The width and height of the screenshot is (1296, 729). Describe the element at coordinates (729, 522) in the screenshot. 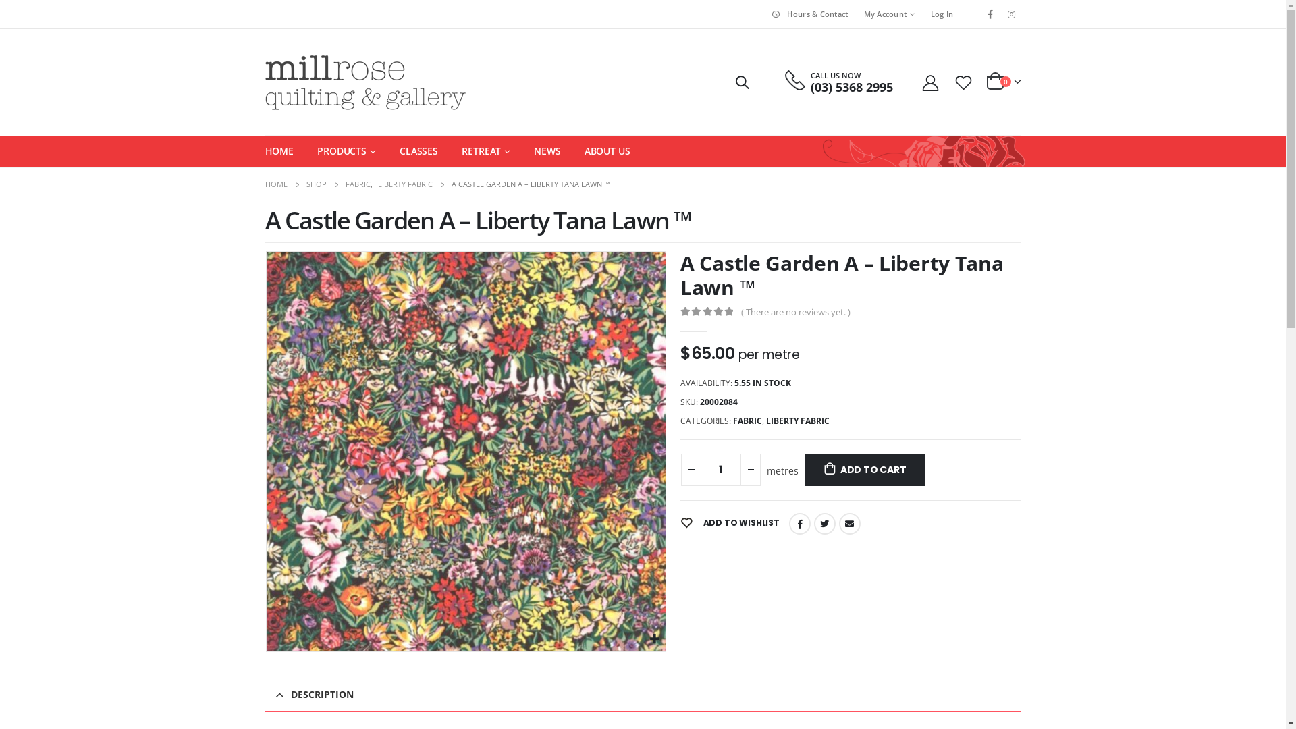

I see `'ADD TO WISHLIST'` at that location.